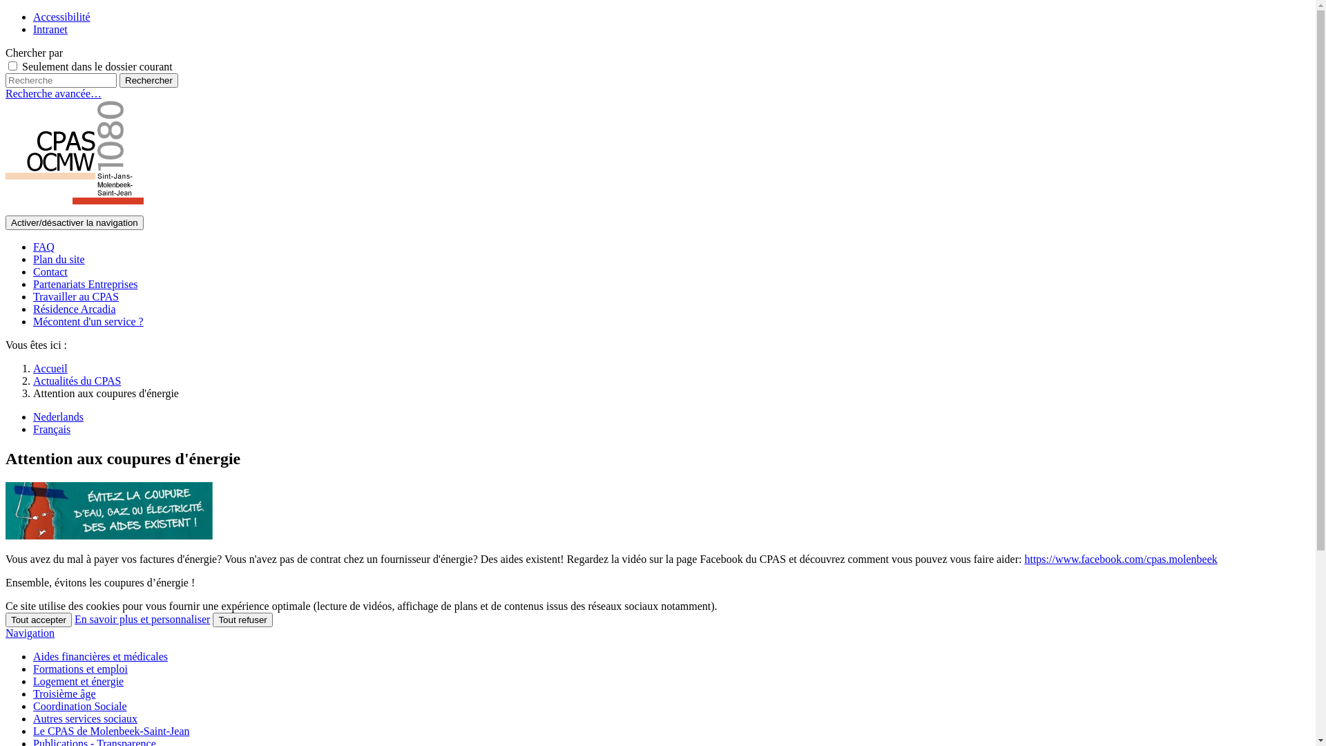 This screenshot has height=746, width=1326. Describe the element at coordinates (74, 155) in the screenshot. I see `'CPAS de Molenbeek-Saint-Jean - OCMW van Sint-Jans-Molenbeek'` at that location.